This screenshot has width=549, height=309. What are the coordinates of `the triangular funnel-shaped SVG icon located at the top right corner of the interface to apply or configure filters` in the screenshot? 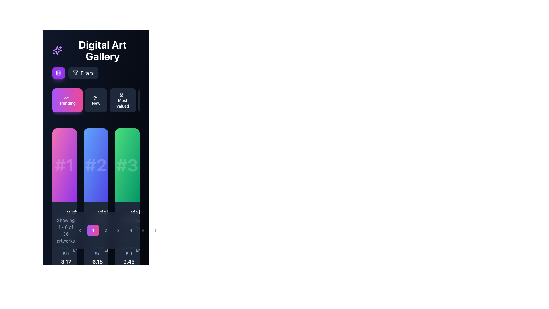 It's located at (75, 72).